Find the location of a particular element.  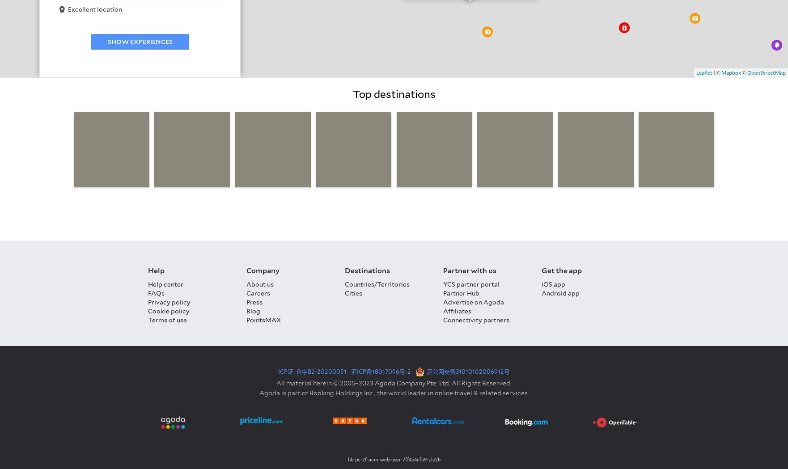

'Partner with us' is located at coordinates (443, 270).